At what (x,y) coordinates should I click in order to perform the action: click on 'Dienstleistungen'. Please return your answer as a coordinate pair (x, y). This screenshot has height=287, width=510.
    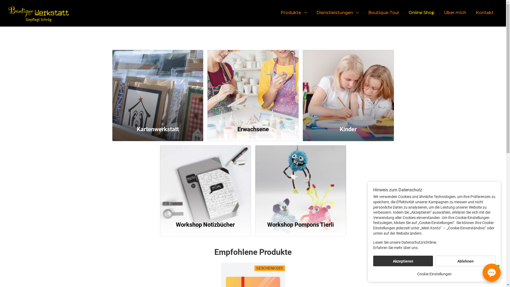
    Looking at the image, I should click on (313, 12).